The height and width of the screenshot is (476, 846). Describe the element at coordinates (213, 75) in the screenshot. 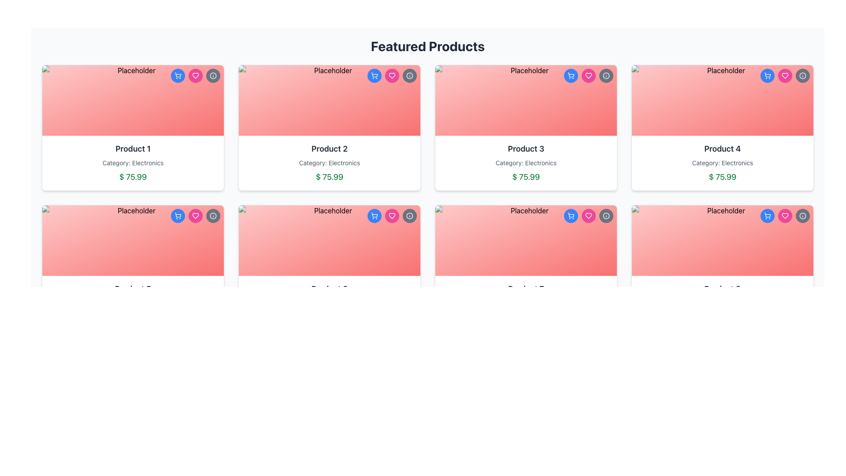

I see `the information button located at the top-right corner of the 'Product 1' card` at that location.